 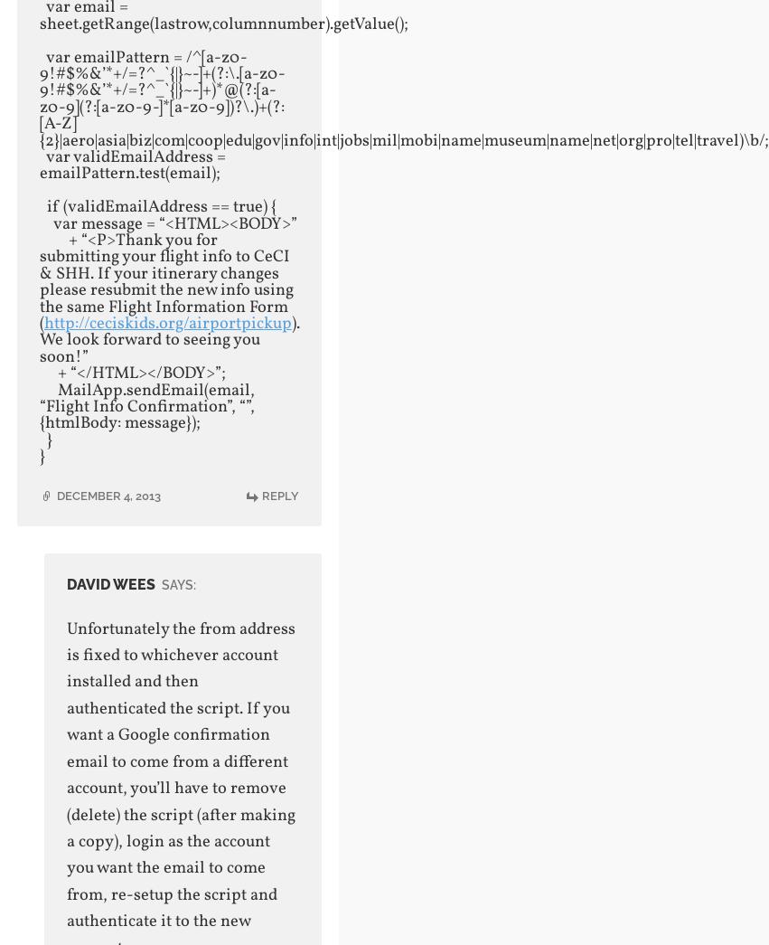 I want to click on 'MailApp.sendEmail(email, “Flight Info Confirmation”, “”, {htmlBody: message});', so click(x=145, y=406).